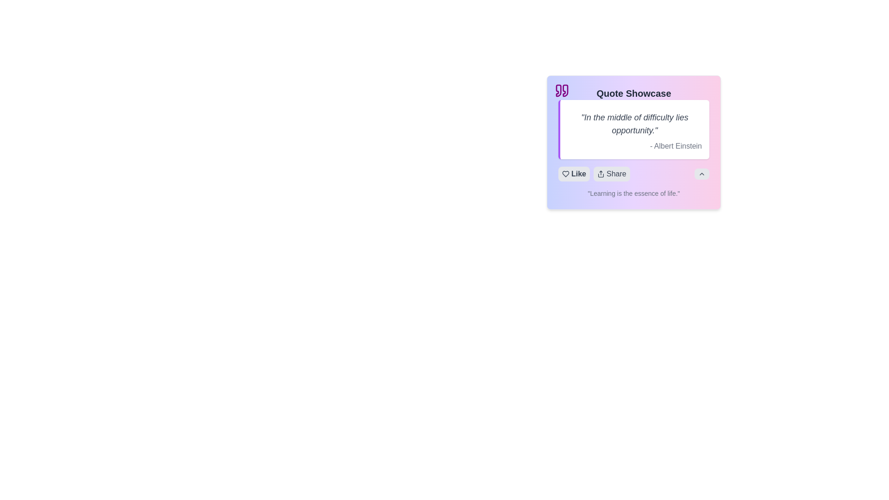  Describe the element at coordinates (565, 174) in the screenshot. I see `the heart-shaped icon located next to the 'Like' text at the bottom-left corner of the card element` at that location.